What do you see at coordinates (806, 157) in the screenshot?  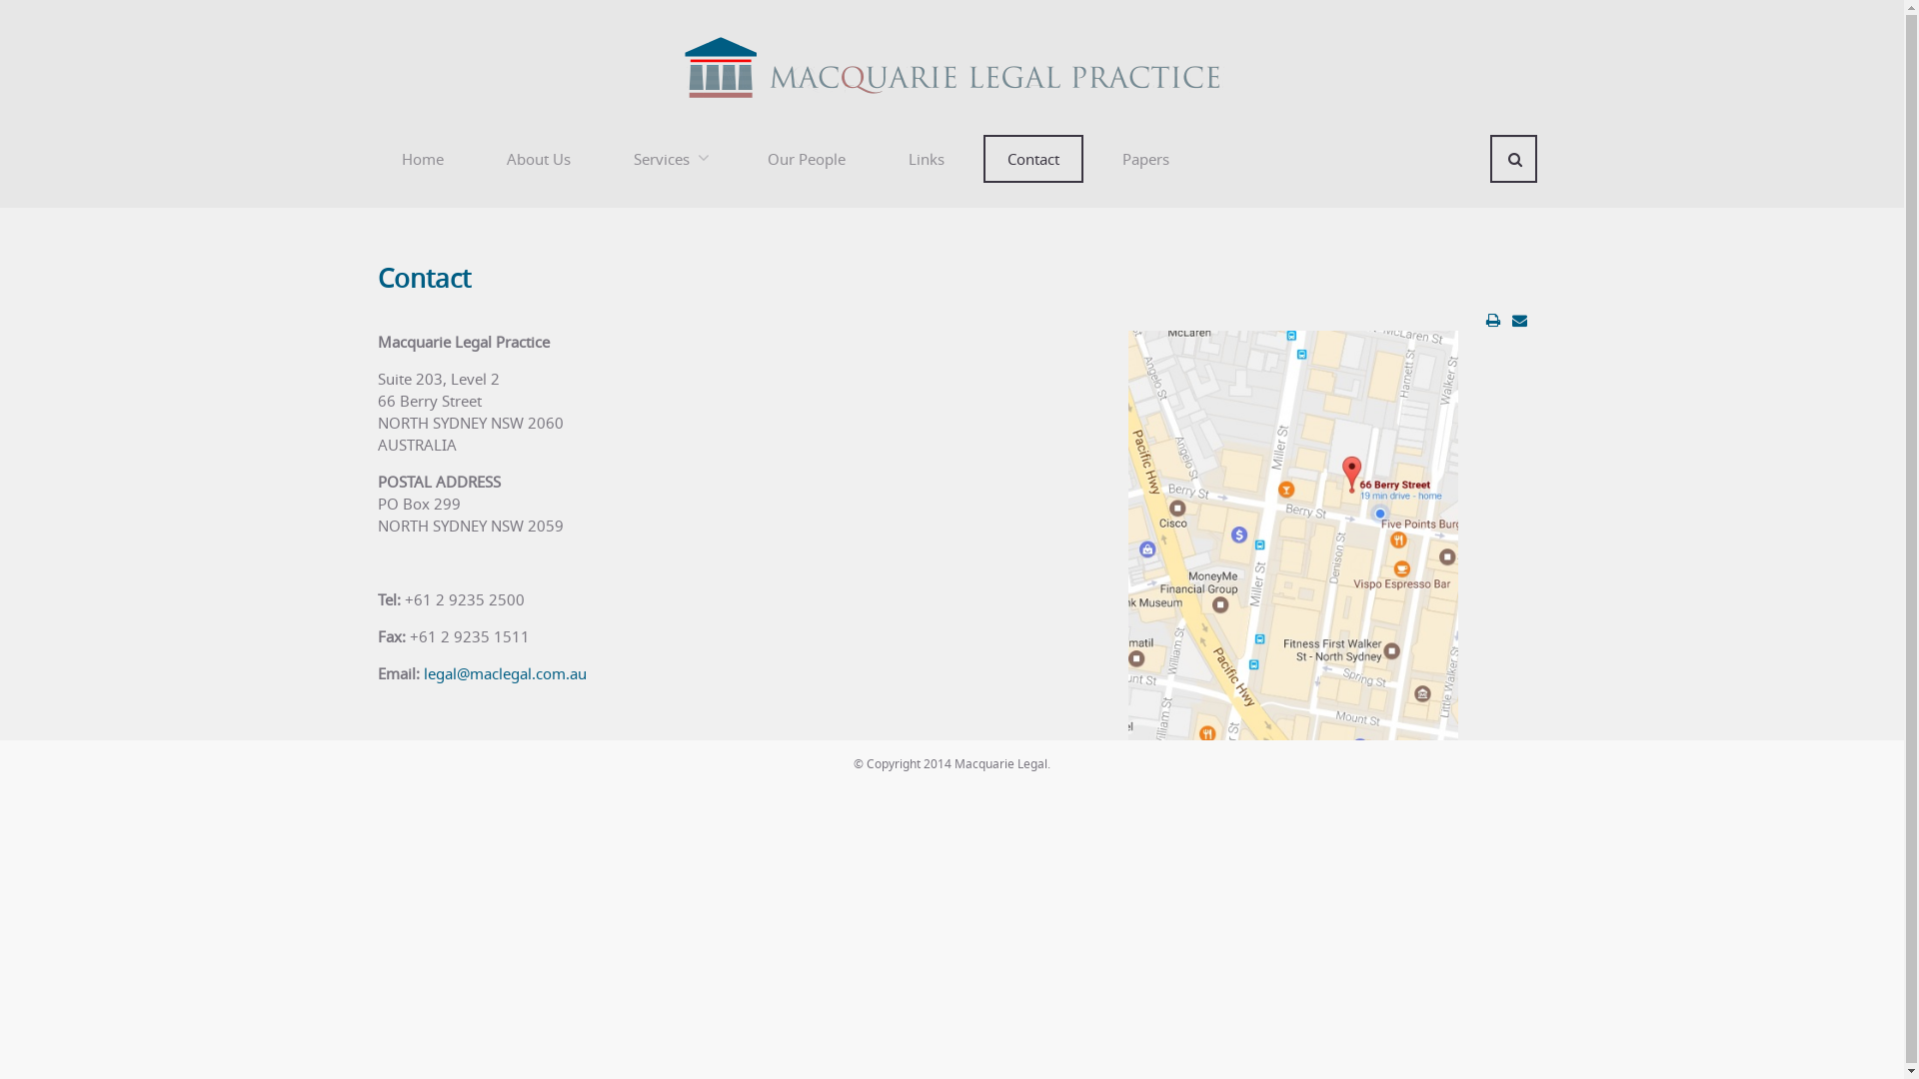 I see `'Our People'` at bounding box center [806, 157].